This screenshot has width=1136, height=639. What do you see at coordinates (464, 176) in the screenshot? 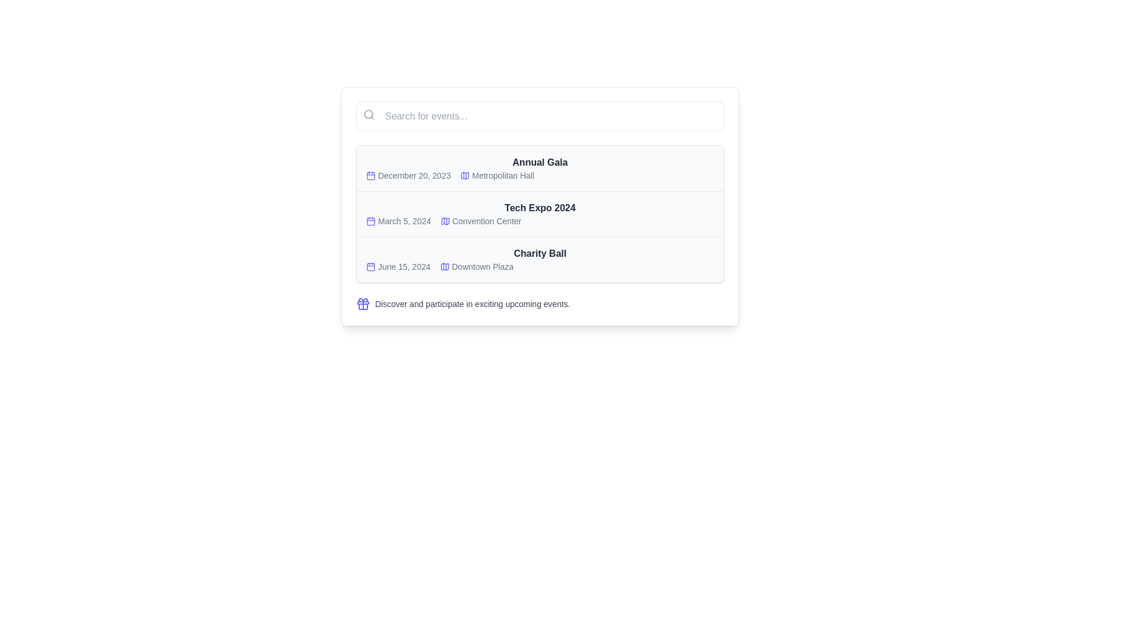
I see `the location icon indicating 'Metropolitan Hall' under the 'Annual Gala' event in the top-left area of the upcoming events segment` at bounding box center [464, 176].